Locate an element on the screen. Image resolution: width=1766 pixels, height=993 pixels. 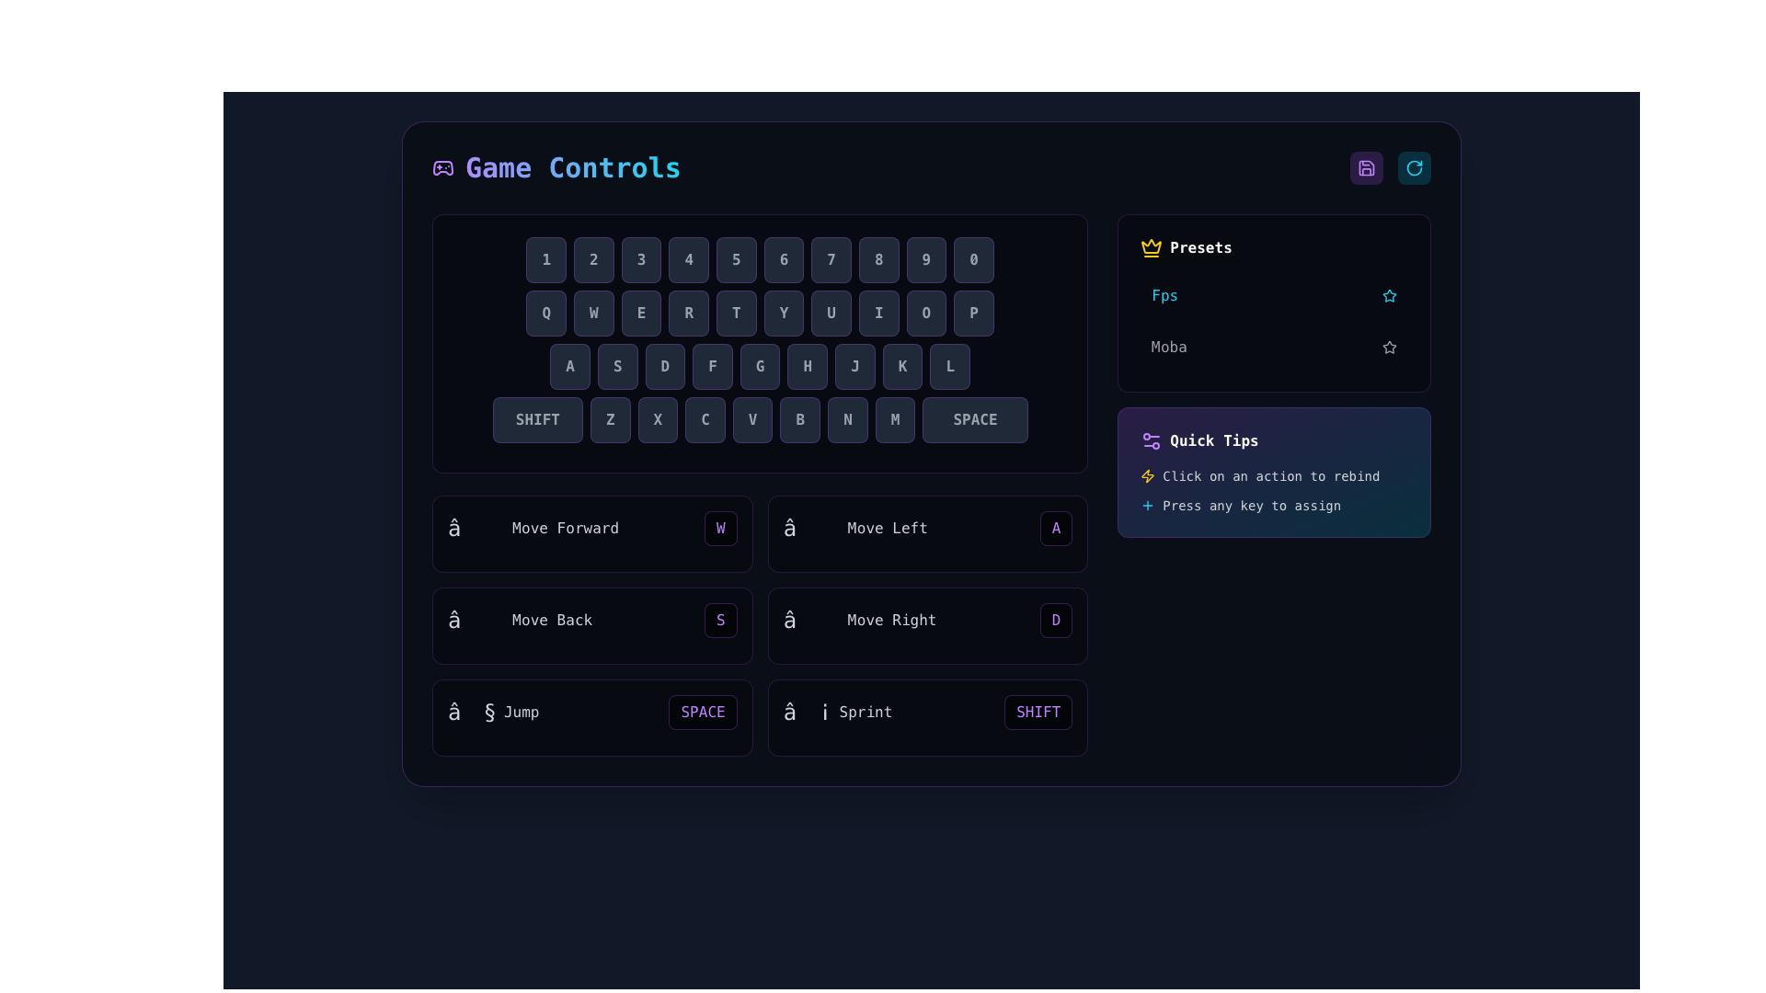
the arrow symbol ('→') that is part of the 'Move Right' control binding, located in the third row and fourth column of the grid layout is located at coordinates (810, 621).